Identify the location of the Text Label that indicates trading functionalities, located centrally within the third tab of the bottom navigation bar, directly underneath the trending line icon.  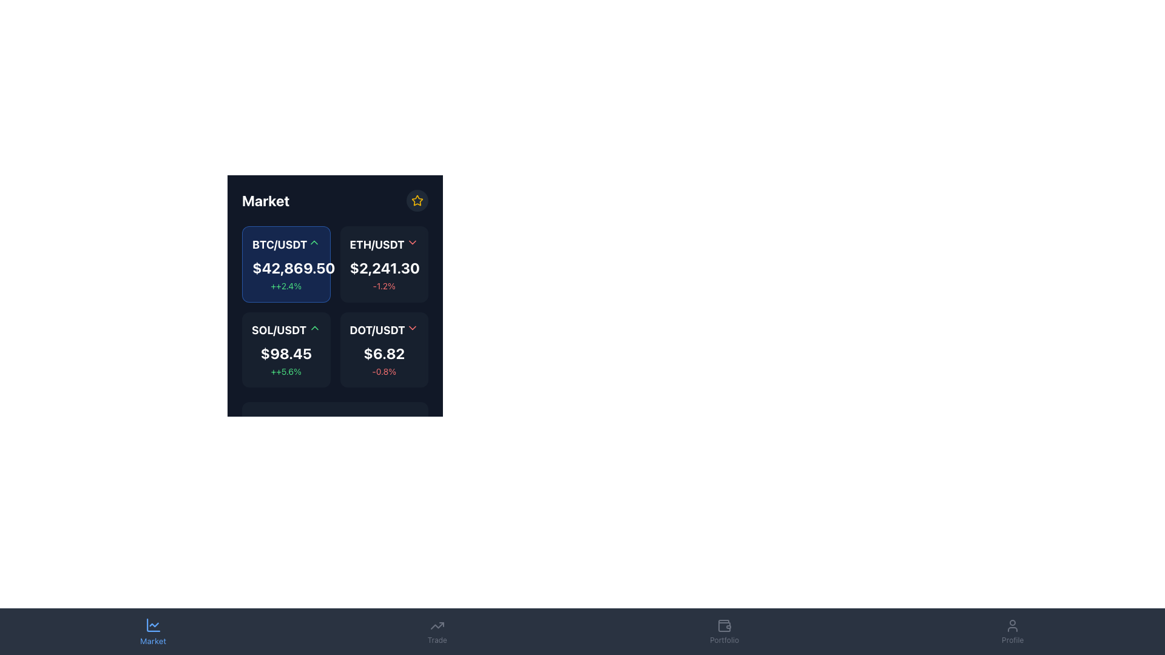
(437, 640).